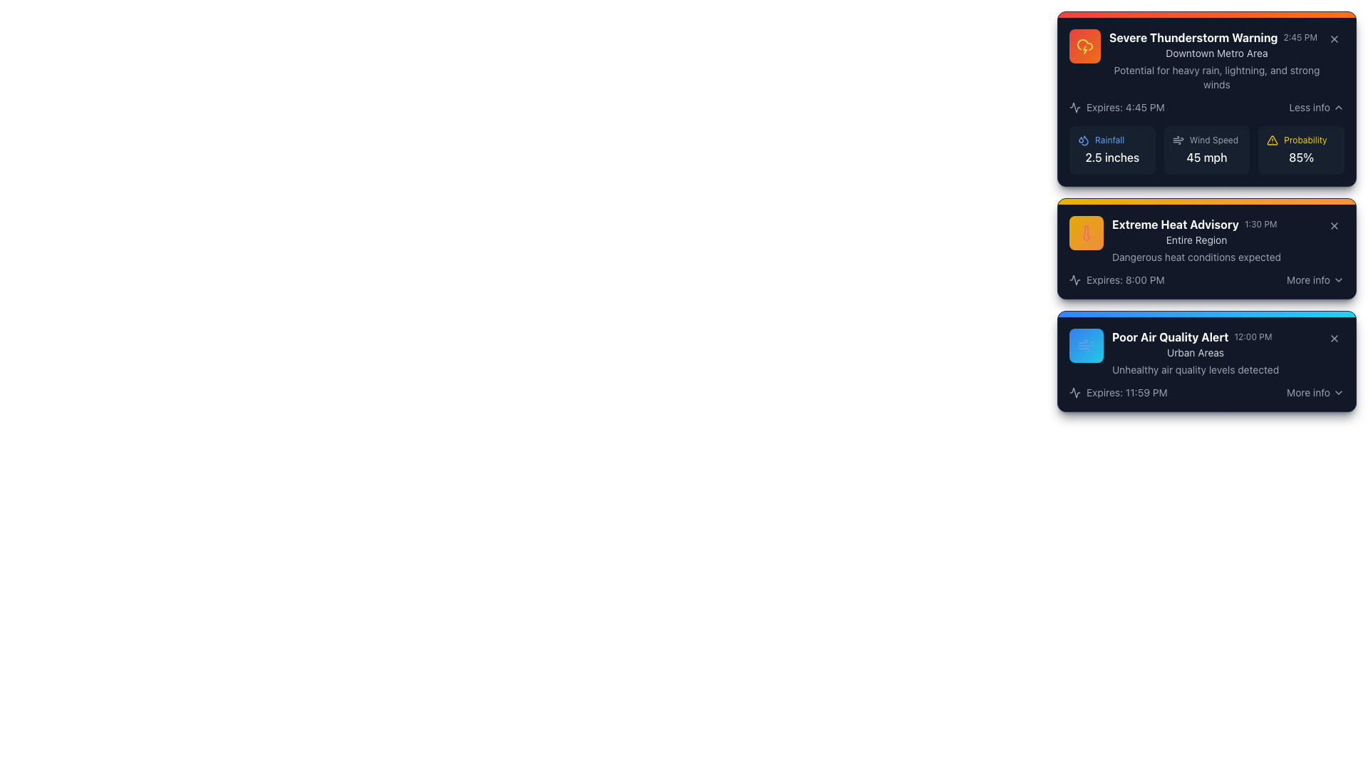 This screenshot has height=770, width=1368. What do you see at coordinates (1337, 393) in the screenshot?
I see `the downward-pointing chevron arrow icon located to the right of the 'More info' text in the 'Poor Air Quality Alert' card` at bounding box center [1337, 393].